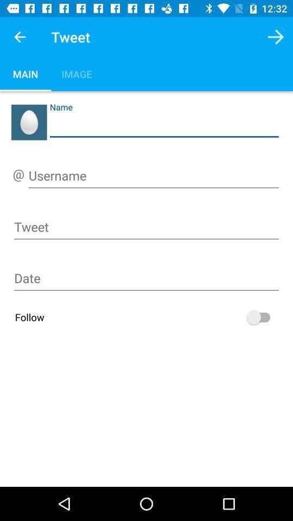 This screenshot has height=521, width=293. I want to click on date text bbox, so click(146, 279).